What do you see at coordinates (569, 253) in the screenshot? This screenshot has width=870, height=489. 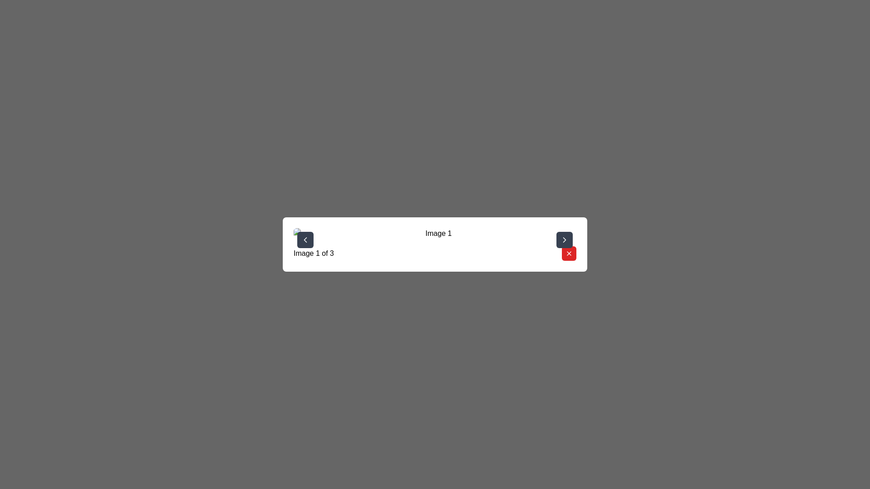 I see `the red button with a white 'X' icon, which is positioned to the right of the 'Image 1 of 3' text` at bounding box center [569, 253].